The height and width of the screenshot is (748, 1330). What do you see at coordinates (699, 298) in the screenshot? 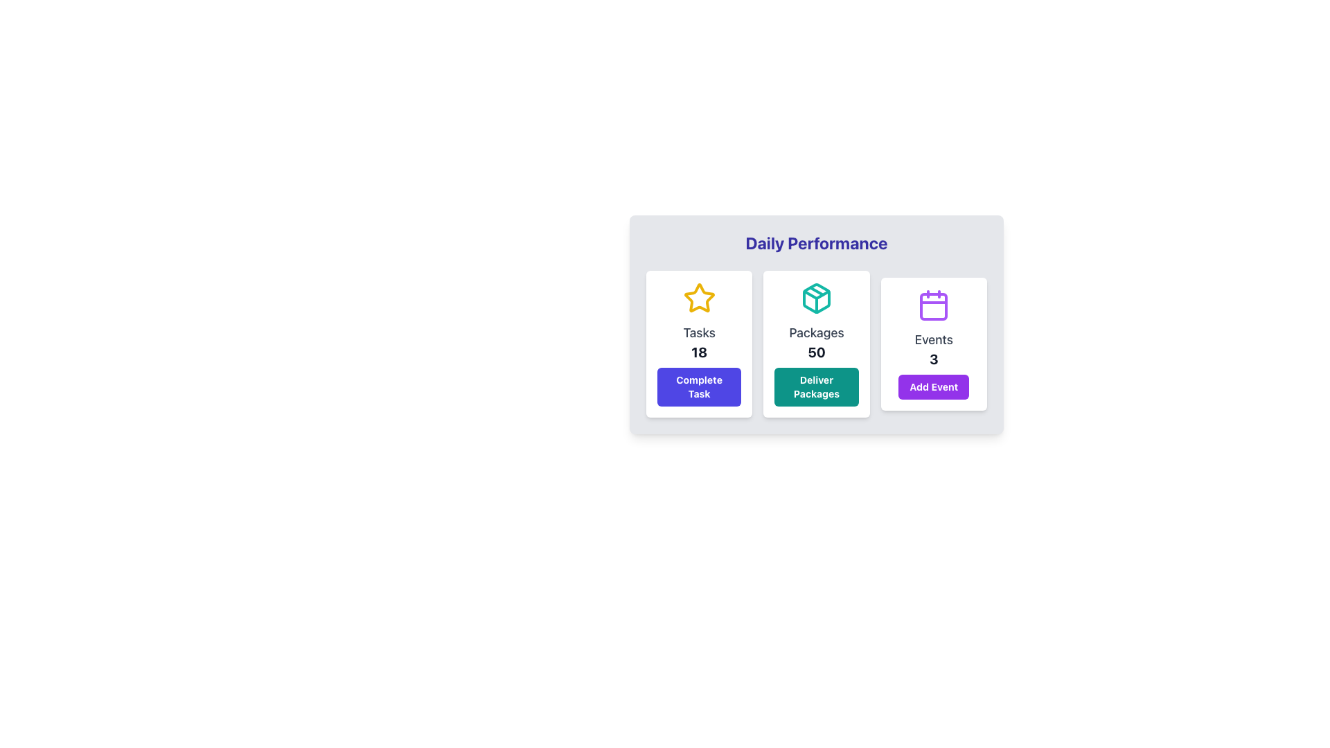
I see `the yellow outlined star icon located at the top of the 'Tasks' performance overview card` at bounding box center [699, 298].